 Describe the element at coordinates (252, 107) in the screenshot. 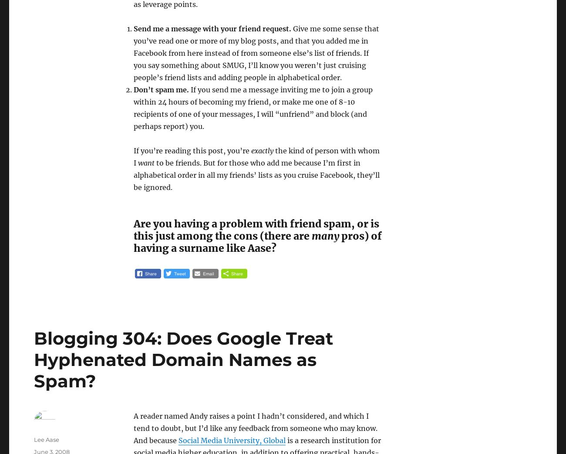

I see `'If you send me a message inviting me to join a group within 24 hours of becoming my friend, or make me one of 8-10 recipients of one of your messages, I will “unfriend” and block (and perhaps report) you.'` at that location.